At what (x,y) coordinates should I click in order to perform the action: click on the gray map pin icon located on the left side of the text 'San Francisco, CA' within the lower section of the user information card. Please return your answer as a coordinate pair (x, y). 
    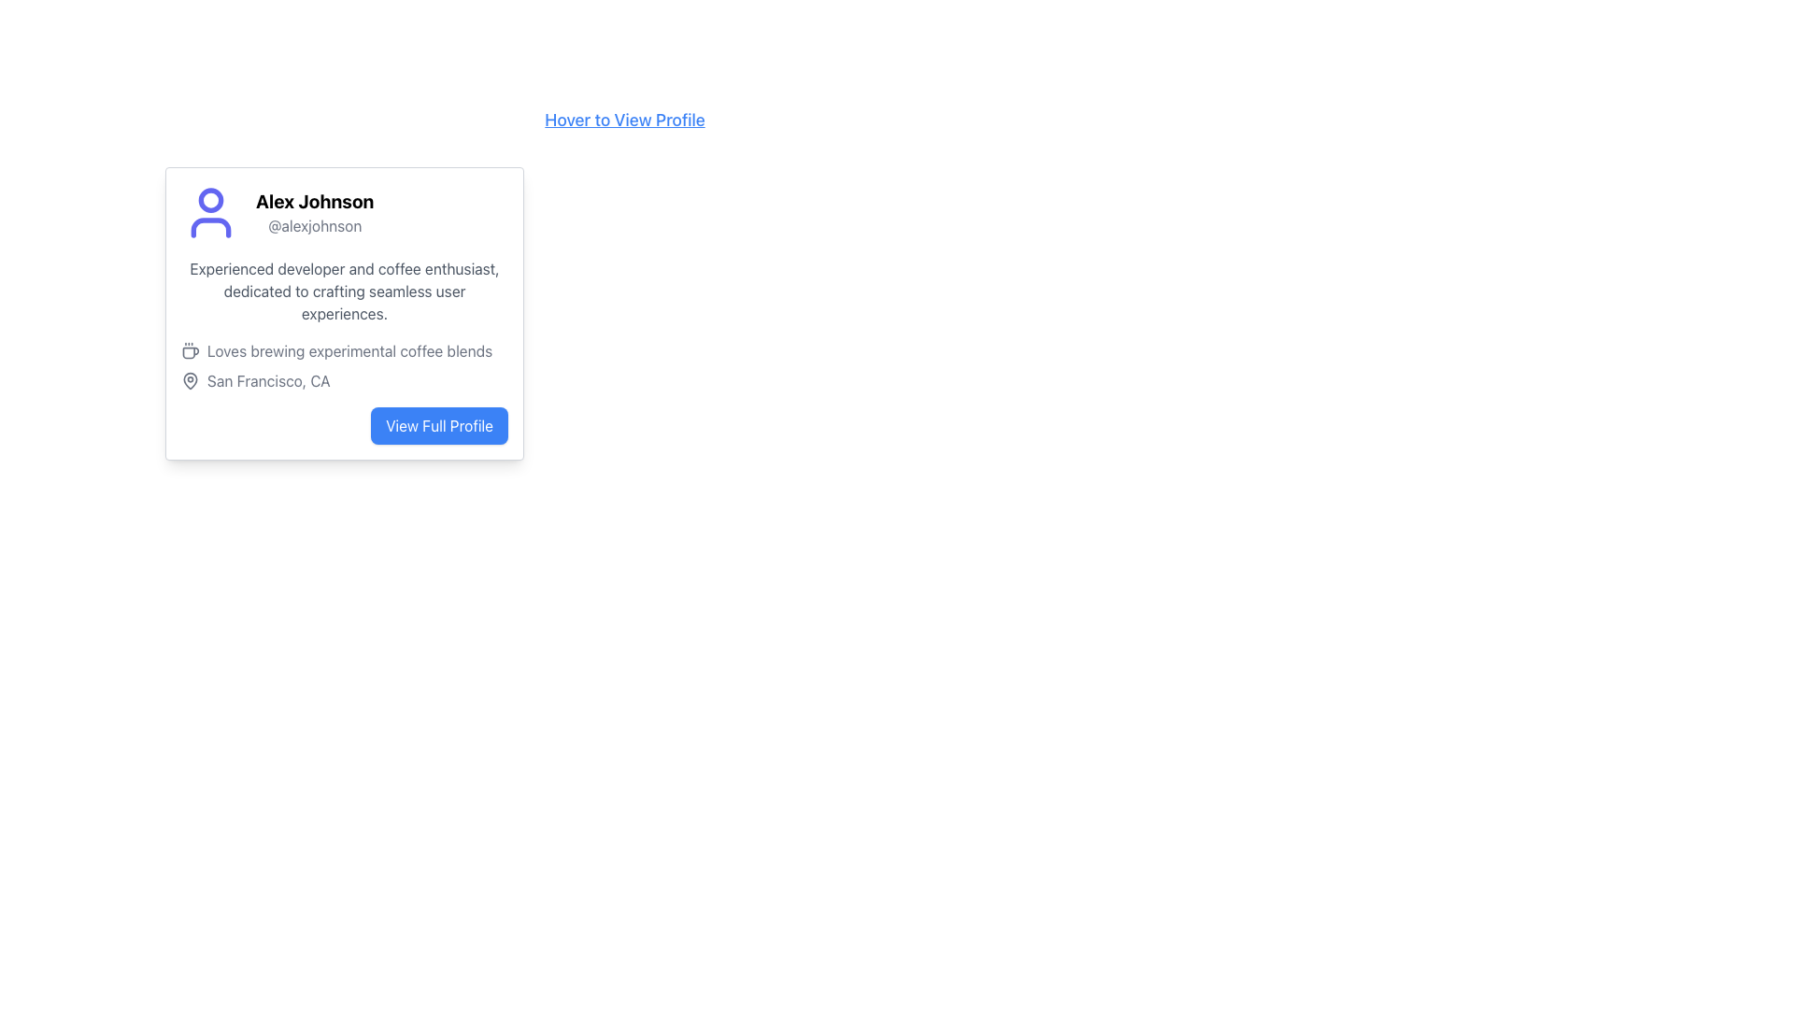
    Looking at the image, I should click on (190, 380).